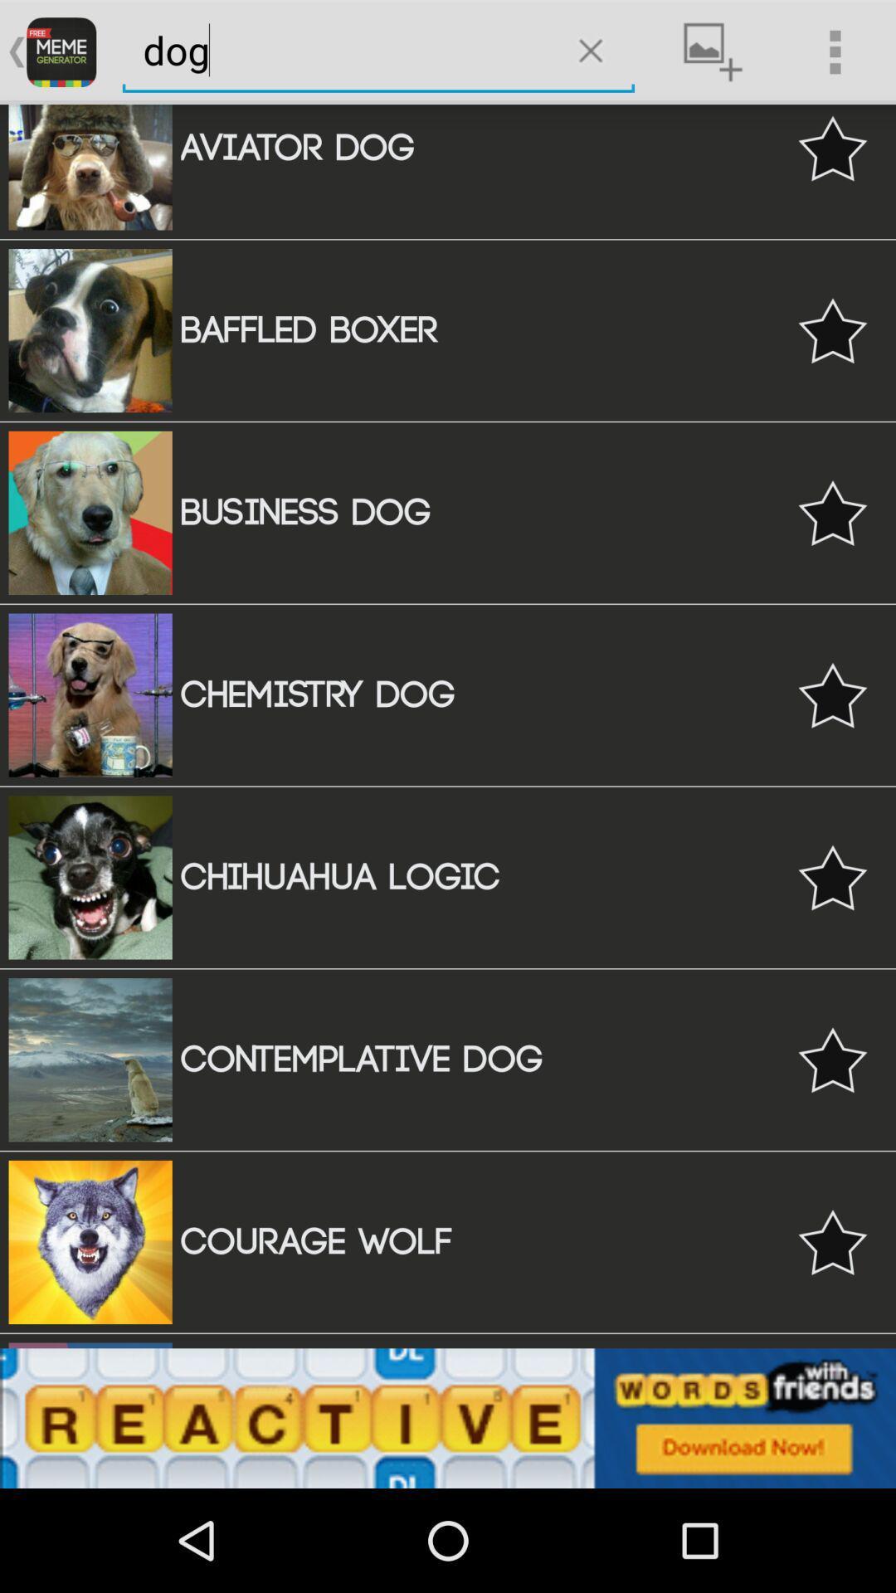 The image size is (896, 1593). Describe the element at coordinates (60, 51) in the screenshot. I see `text next to text left arrow` at that location.